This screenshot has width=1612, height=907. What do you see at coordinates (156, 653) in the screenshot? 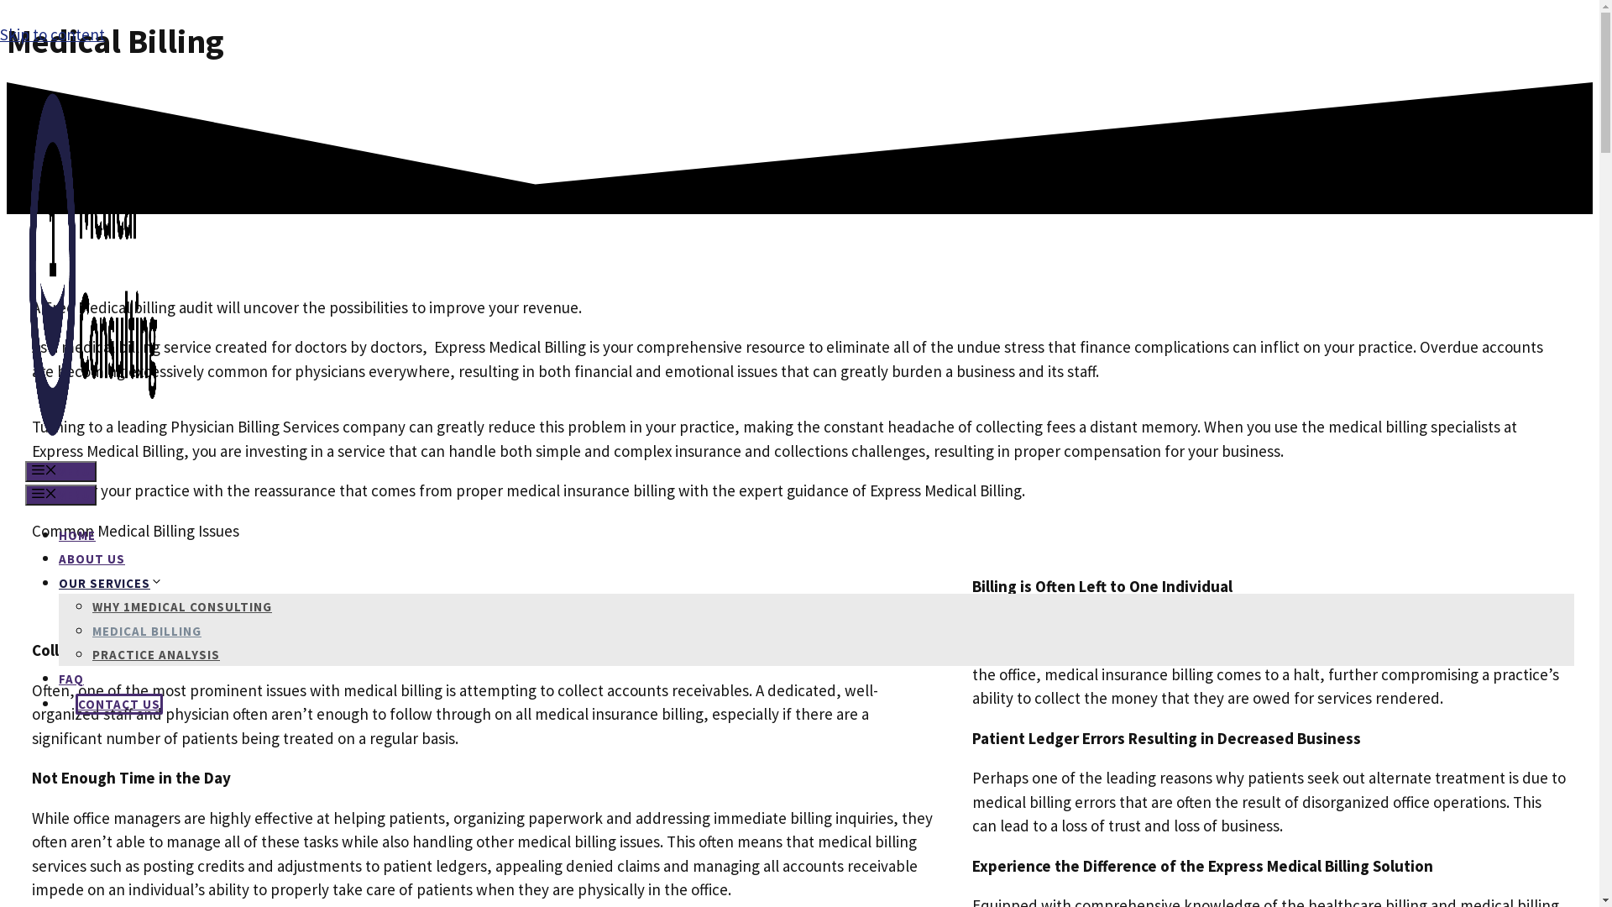
I see `'PRACTICE ANALYSIS'` at bounding box center [156, 653].